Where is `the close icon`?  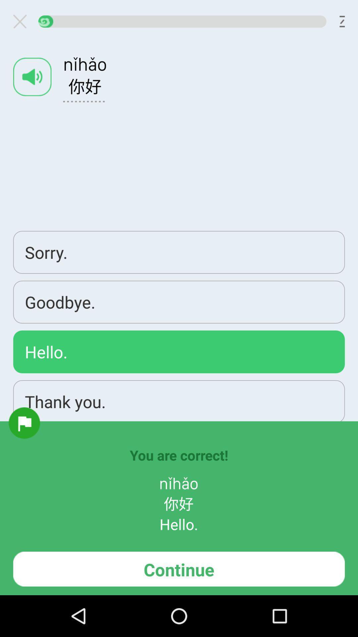 the close icon is located at coordinates (22, 23).